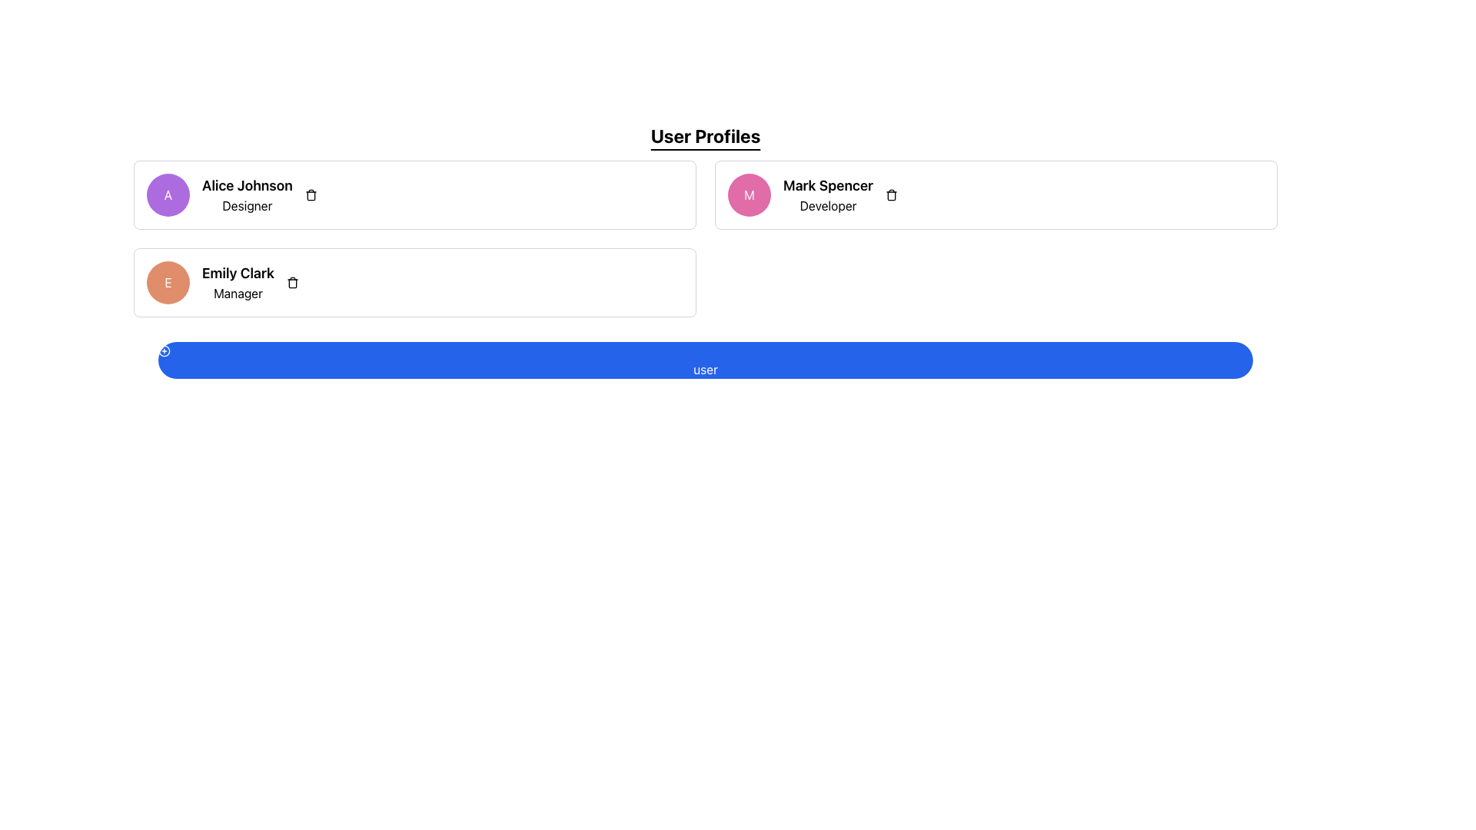 This screenshot has height=830, width=1476. Describe the element at coordinates (237, 293) in the screenshot. I see `the text label displaying the word 'Manager', which is styled with a standard font and medium weight, located directly below the 'Emily Clark' name label` at that location.